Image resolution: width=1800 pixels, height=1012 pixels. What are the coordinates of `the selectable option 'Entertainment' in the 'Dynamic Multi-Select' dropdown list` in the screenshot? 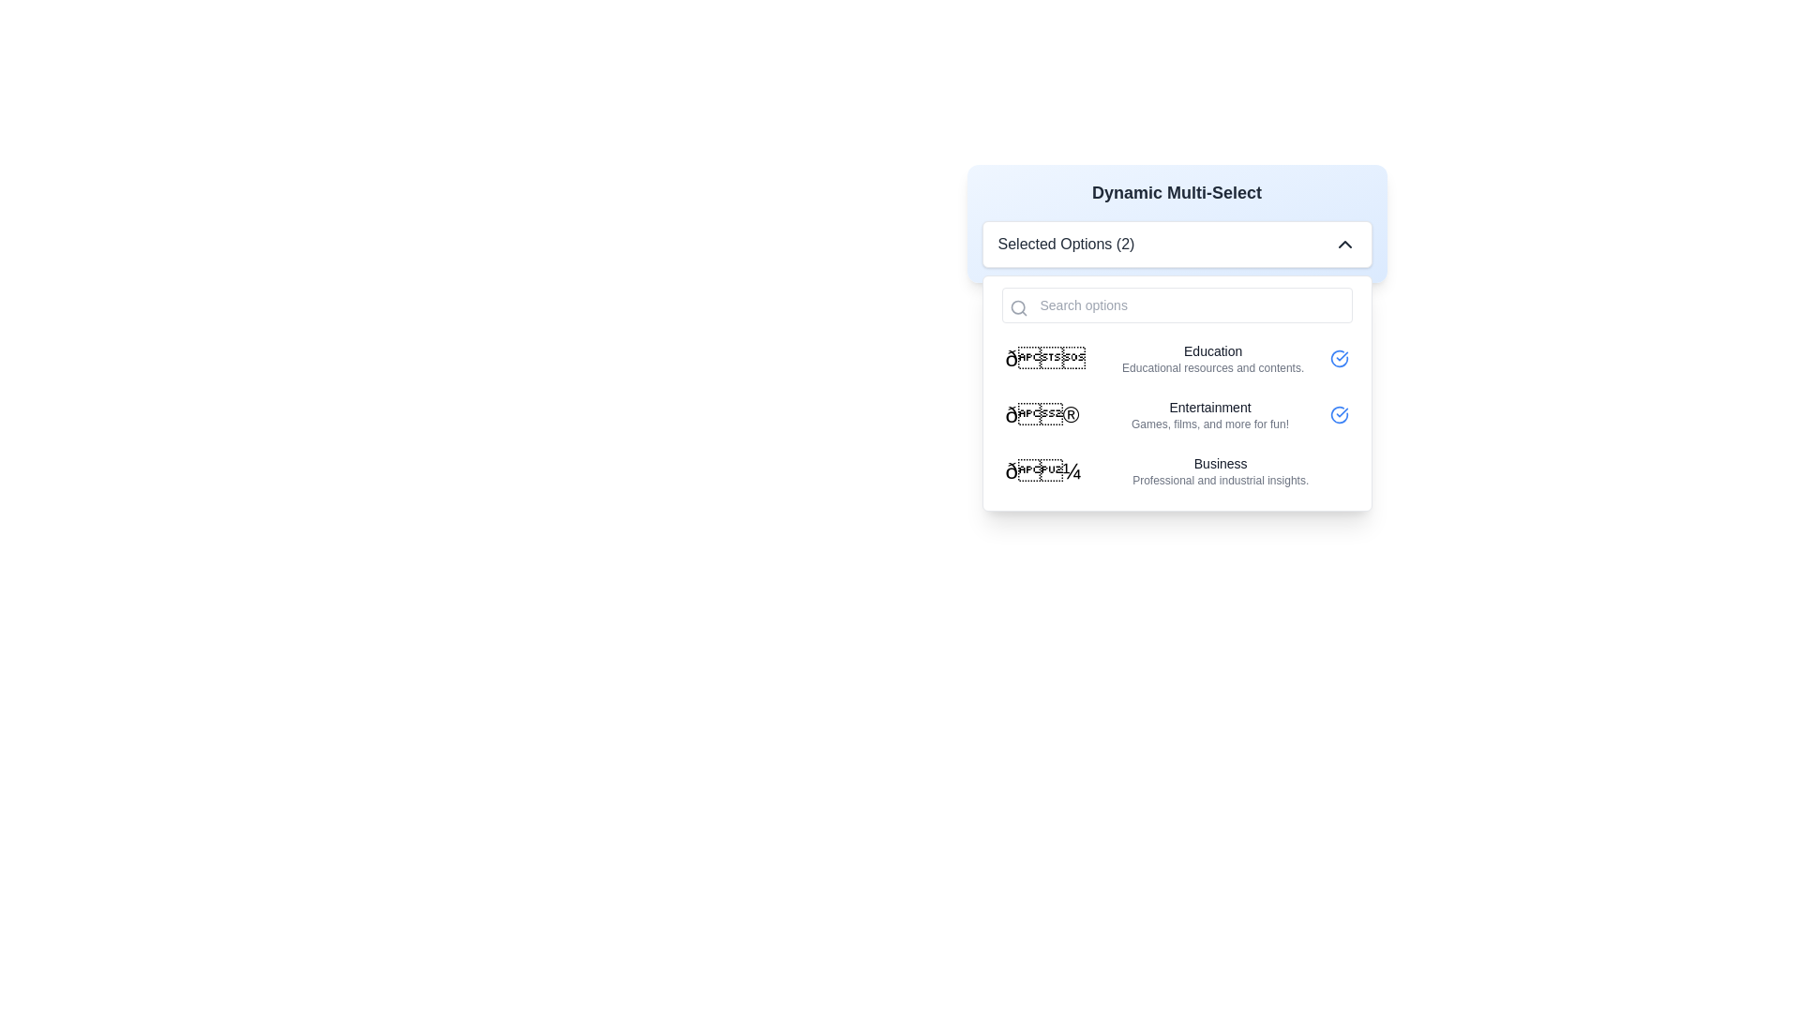 It's located at (1210, 414).